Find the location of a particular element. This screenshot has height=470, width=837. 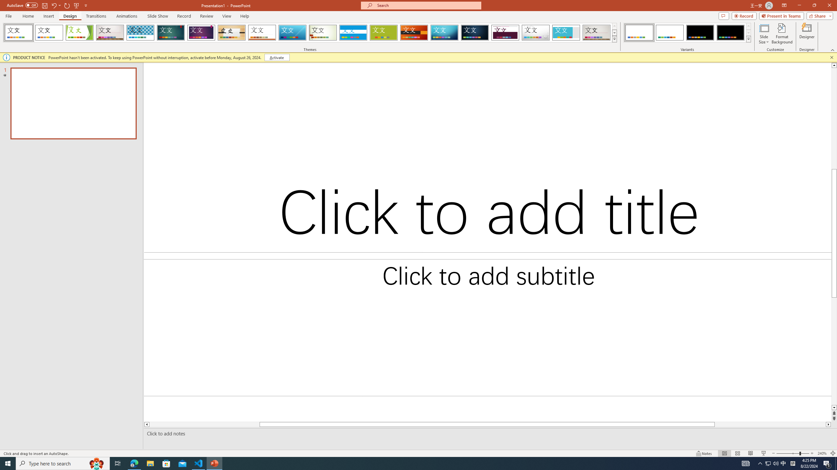

'Gallery' is located at coordinates (597, 32).